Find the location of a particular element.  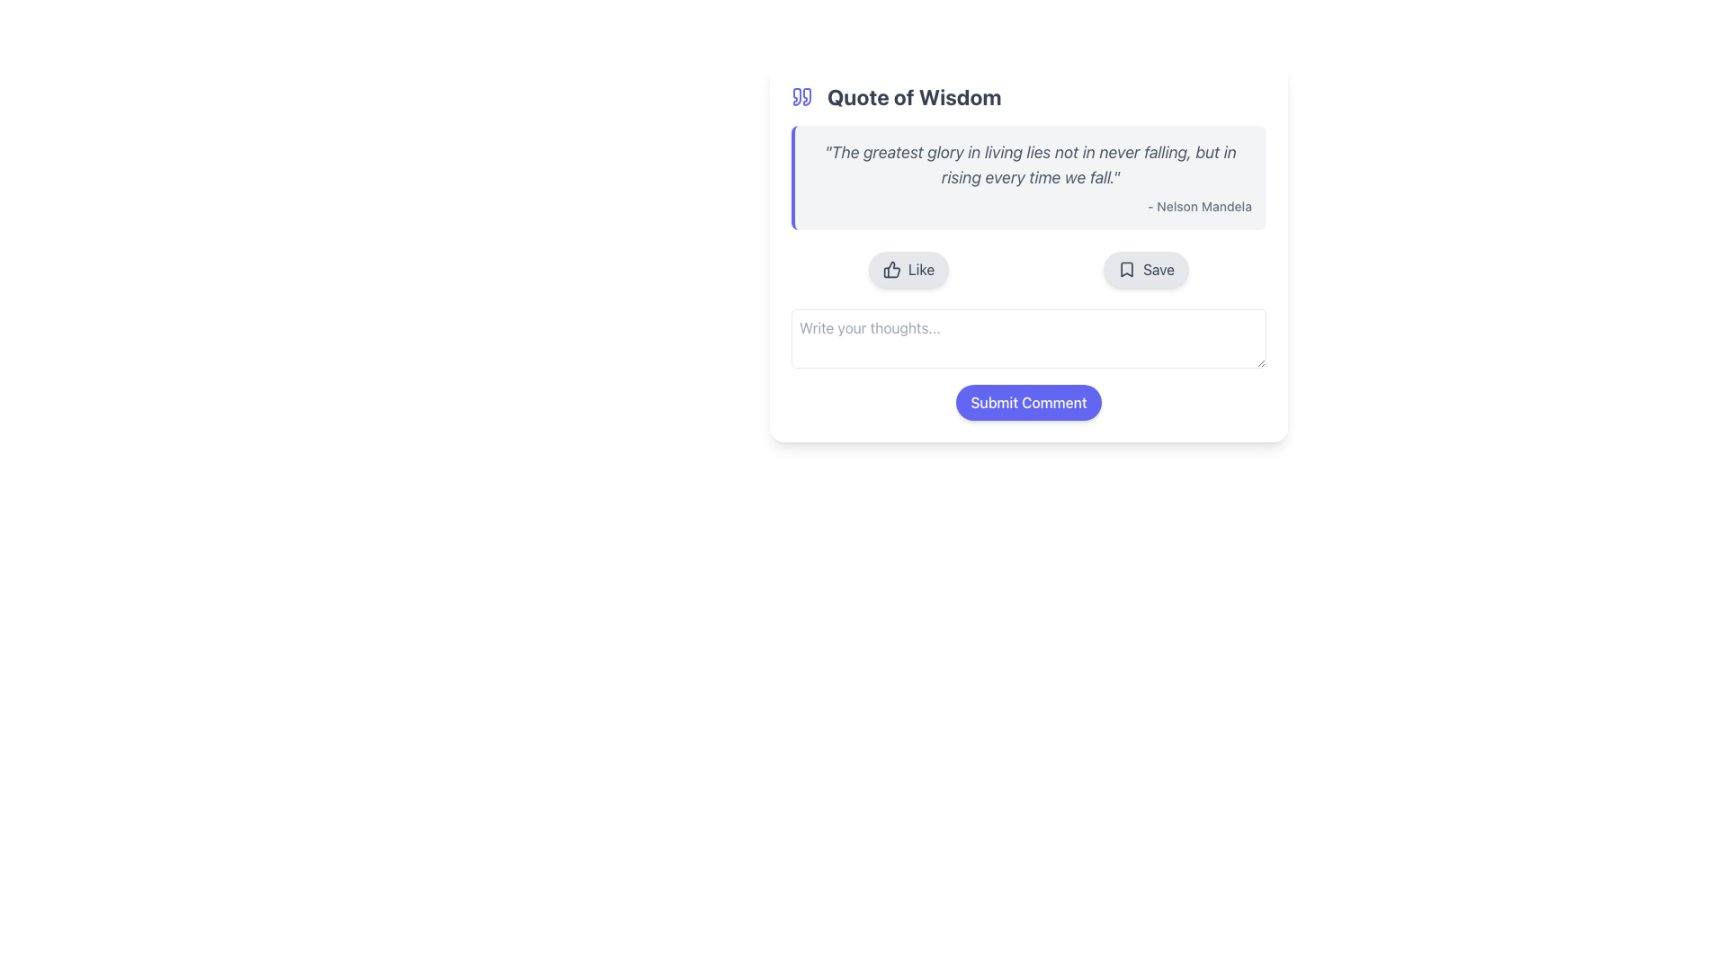

motivational quote displayed in the main content text block located at the top middle of the interface, above the attribution text is located at coordinates (1031, 165).